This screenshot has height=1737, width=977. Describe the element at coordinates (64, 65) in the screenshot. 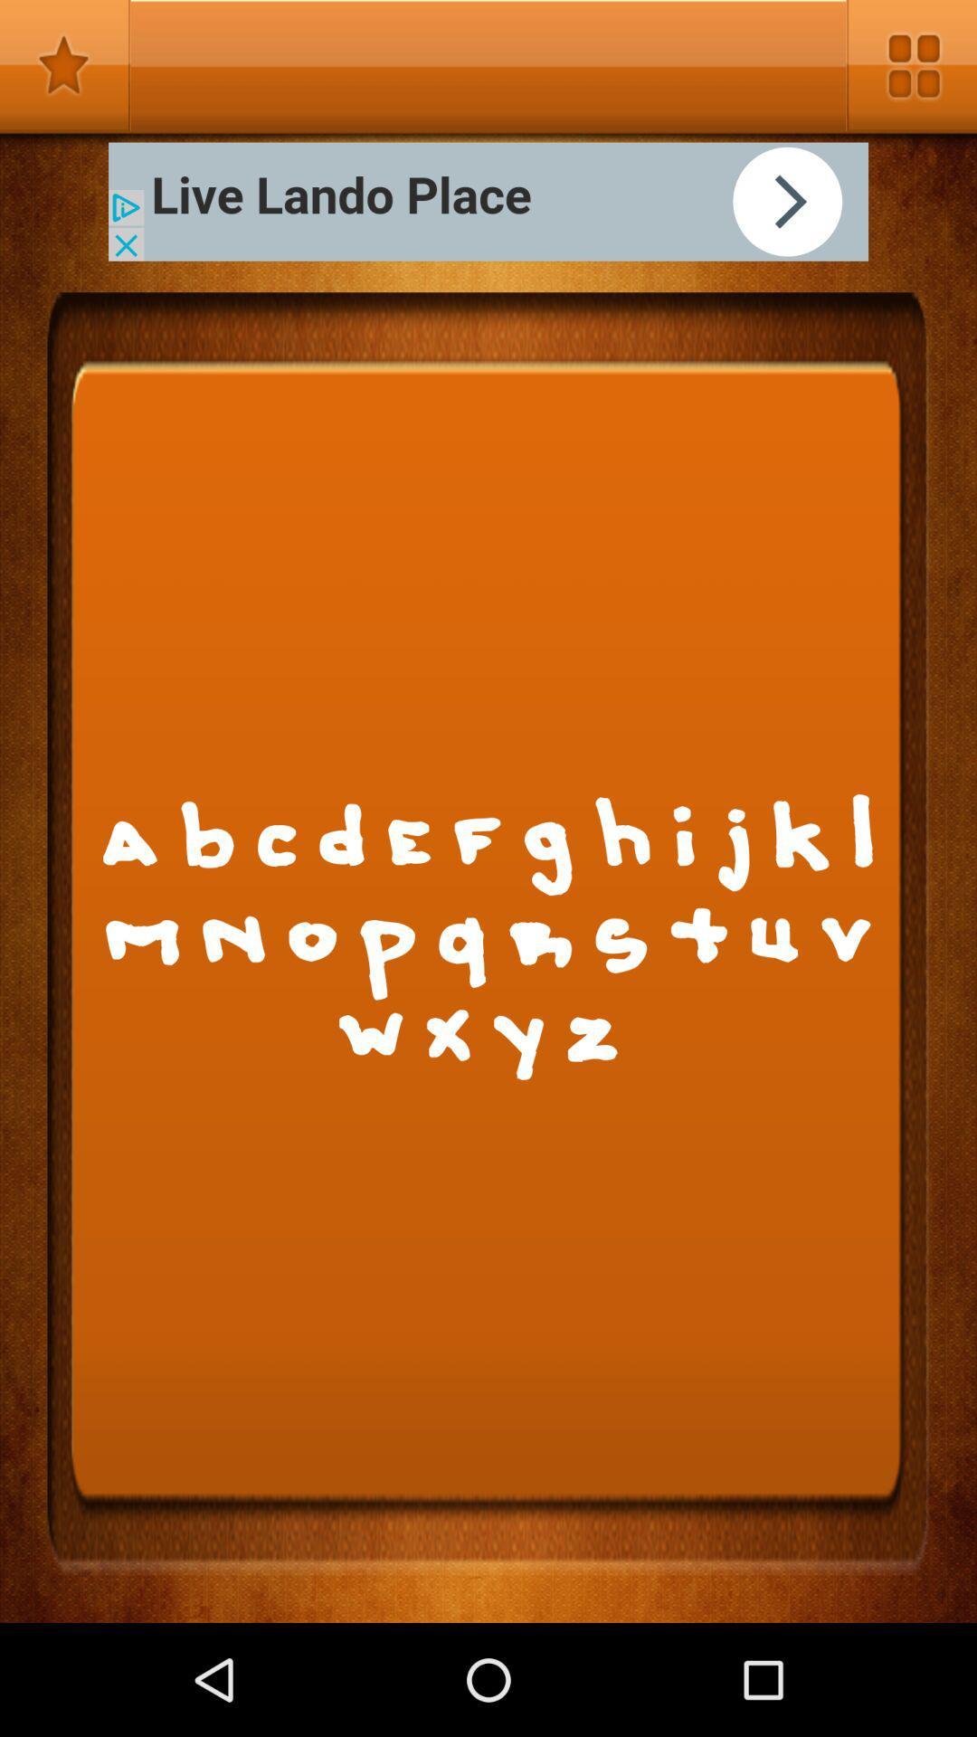

I see `it is a star key` at that location.